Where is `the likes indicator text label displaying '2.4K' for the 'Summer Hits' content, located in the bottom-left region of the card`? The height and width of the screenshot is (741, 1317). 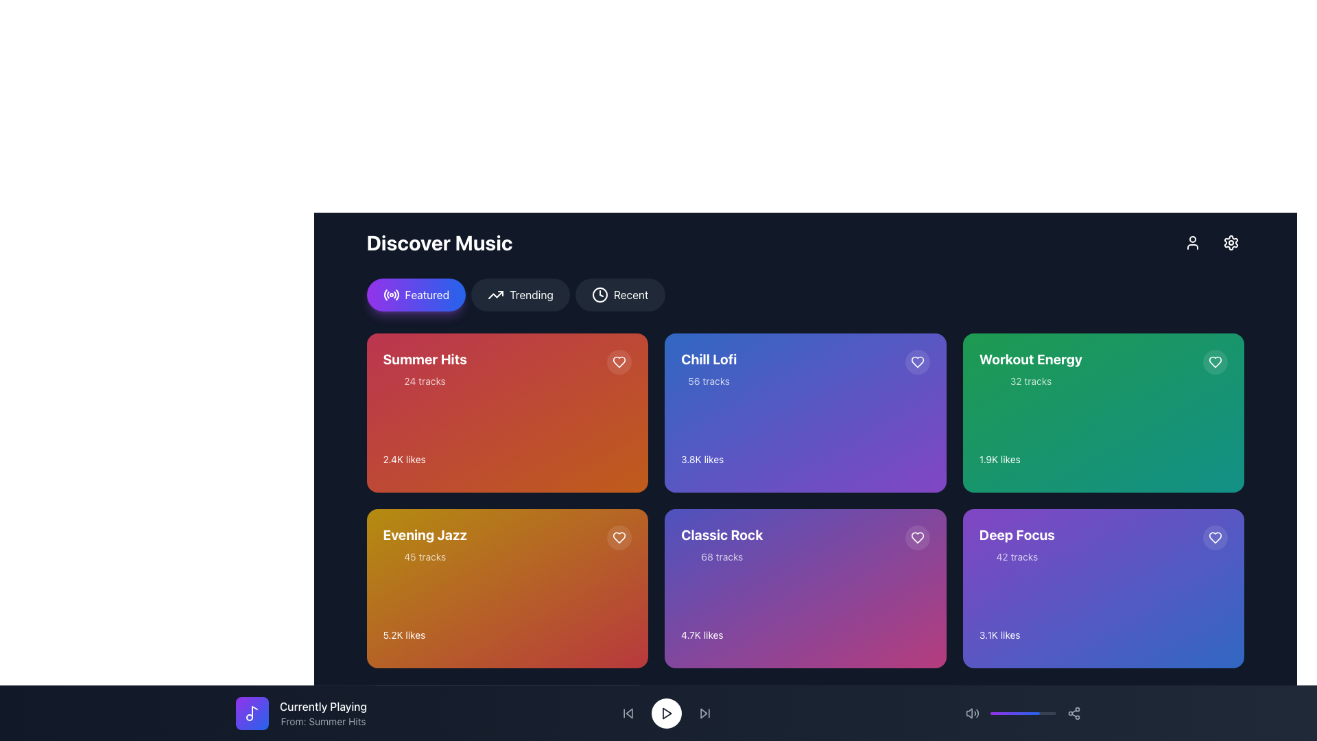 the likes indicator text label displaying '2.4K' for the 'Summer Hits' content, located in the bottom-left region of the card is located at coordinates (403, 460).